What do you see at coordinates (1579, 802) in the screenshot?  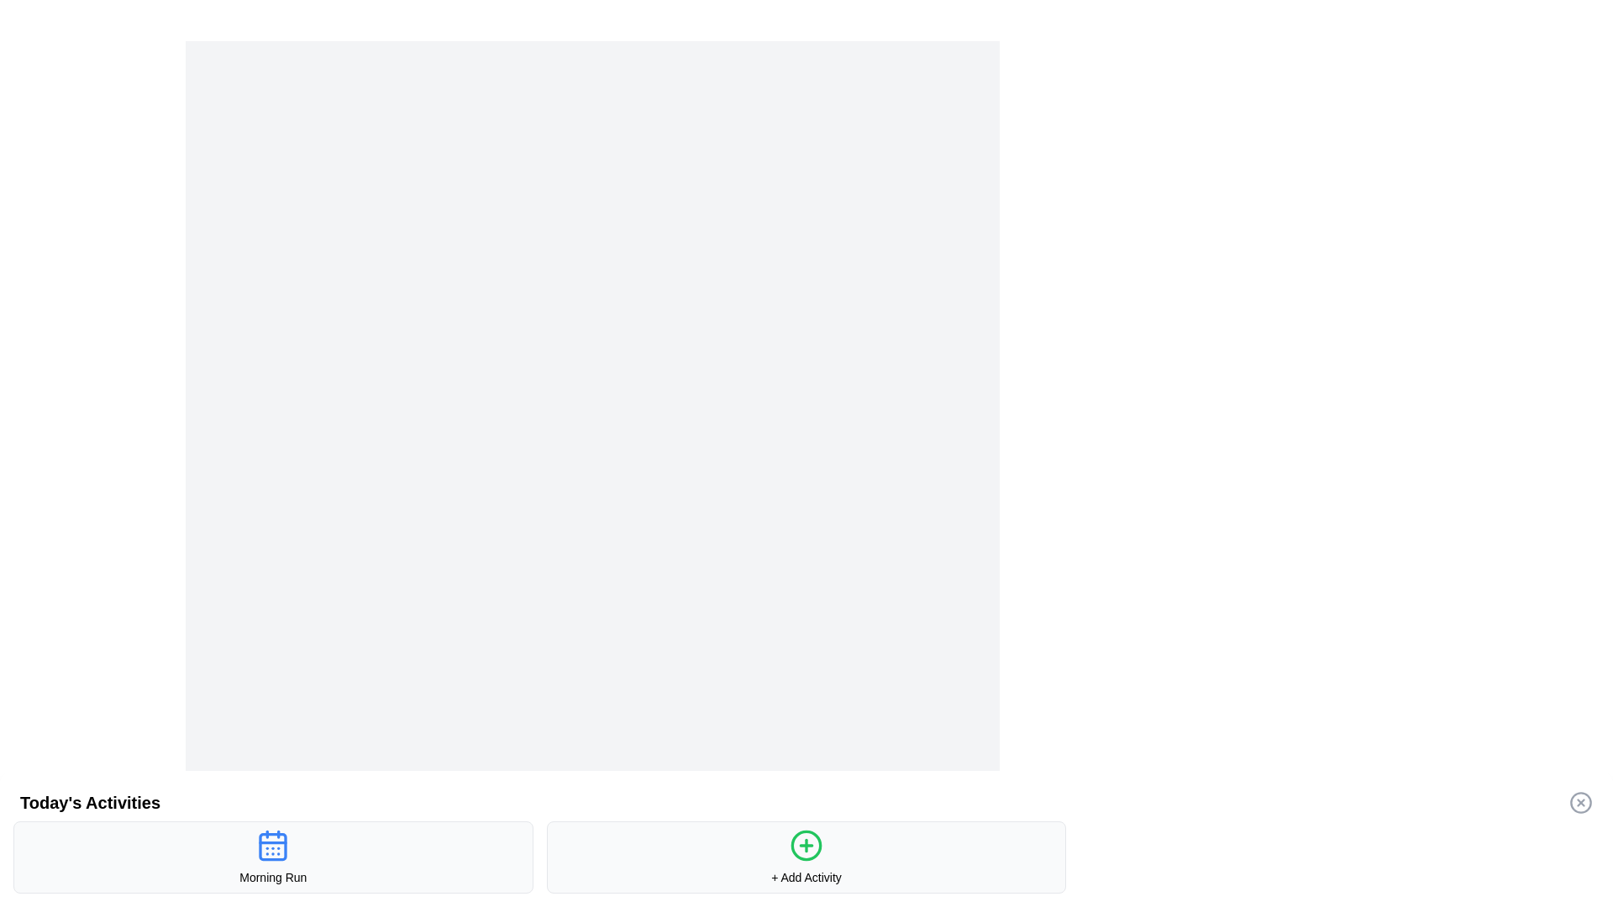 I see `the SVG Circle Element, which is a circular shape with a radius of 10 units, located in the top-right corner of a 28x28 SVG icon representing a close or delete action` at bounding box center [1579, 802].